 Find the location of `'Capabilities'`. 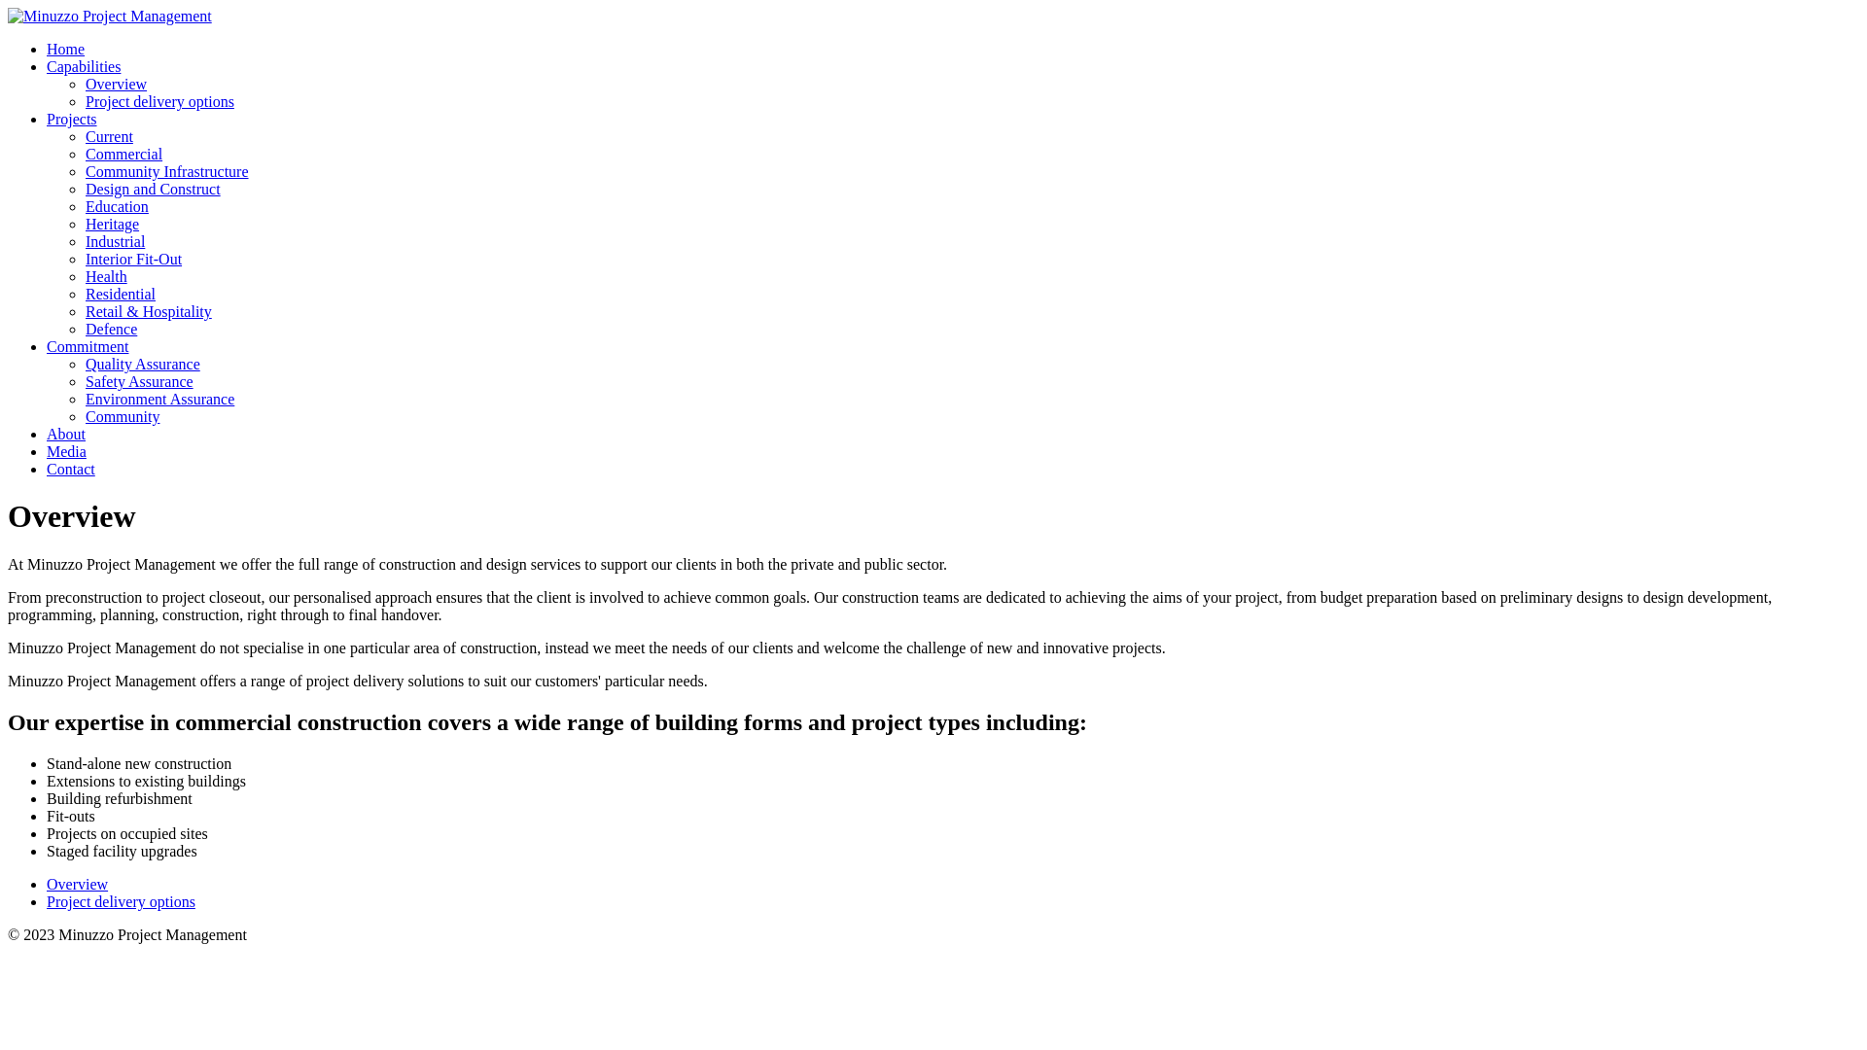

'Capabilities' is located at coordinates (83, 65).